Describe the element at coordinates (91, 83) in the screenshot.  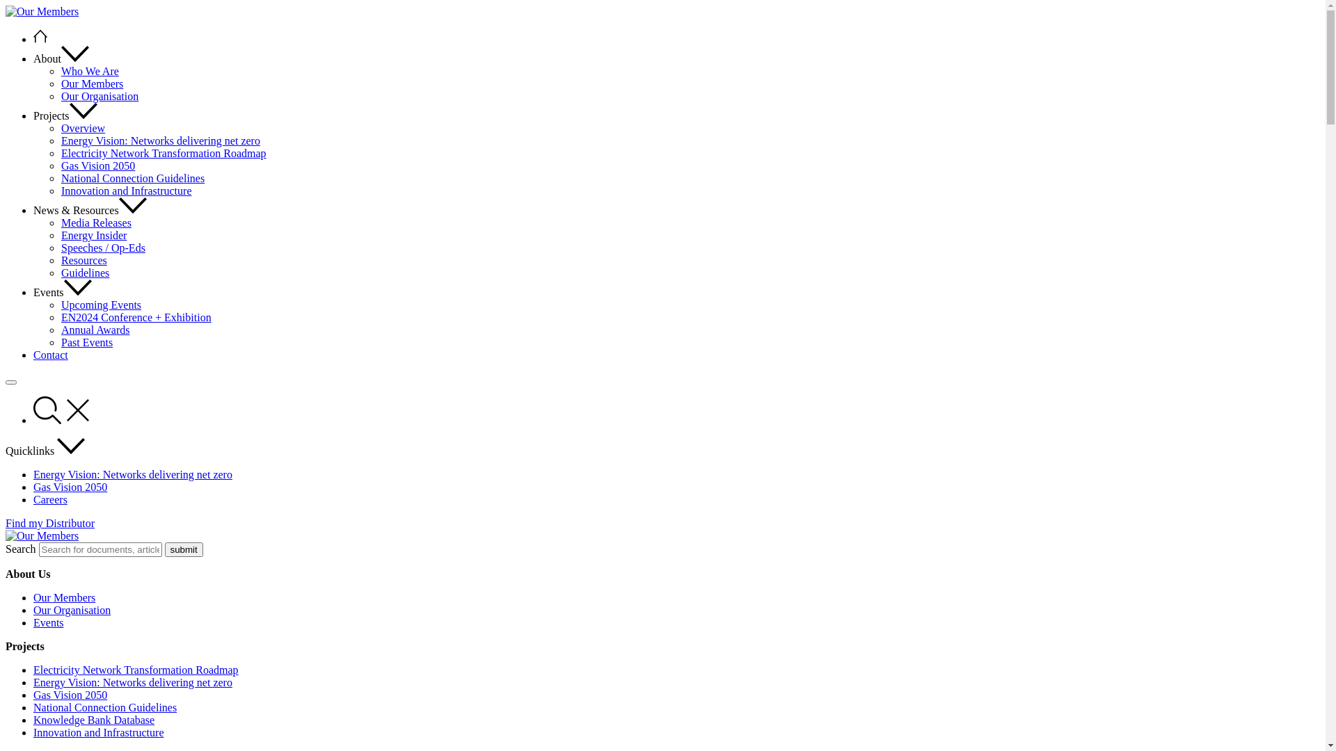
I see `'Our Members'` at that location.